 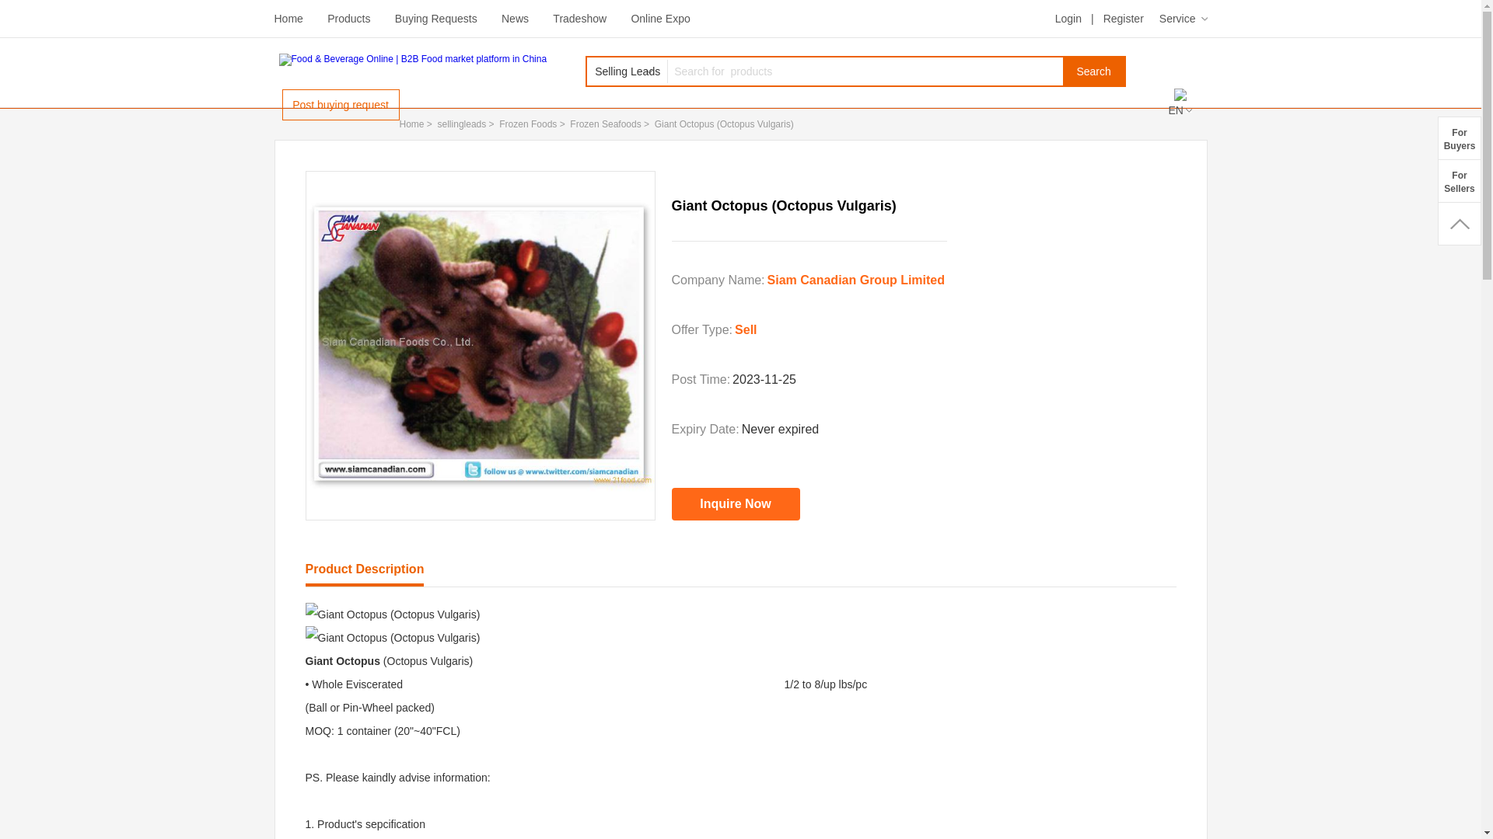 What do you see at coordinates (855, 280) in the screenshot?
I see `'Siam Canadian Group Limited'` at bounding box center [855, 280].